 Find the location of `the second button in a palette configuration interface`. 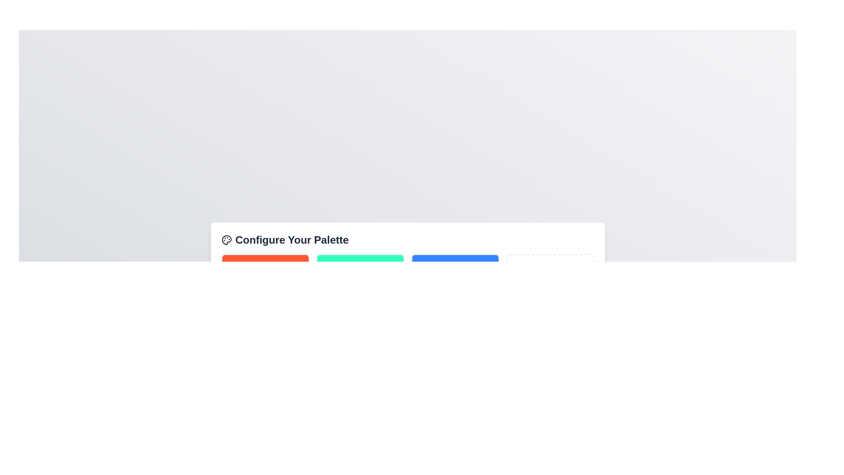

the second button in a palette configuration interface is located at coordinates (360, 267).